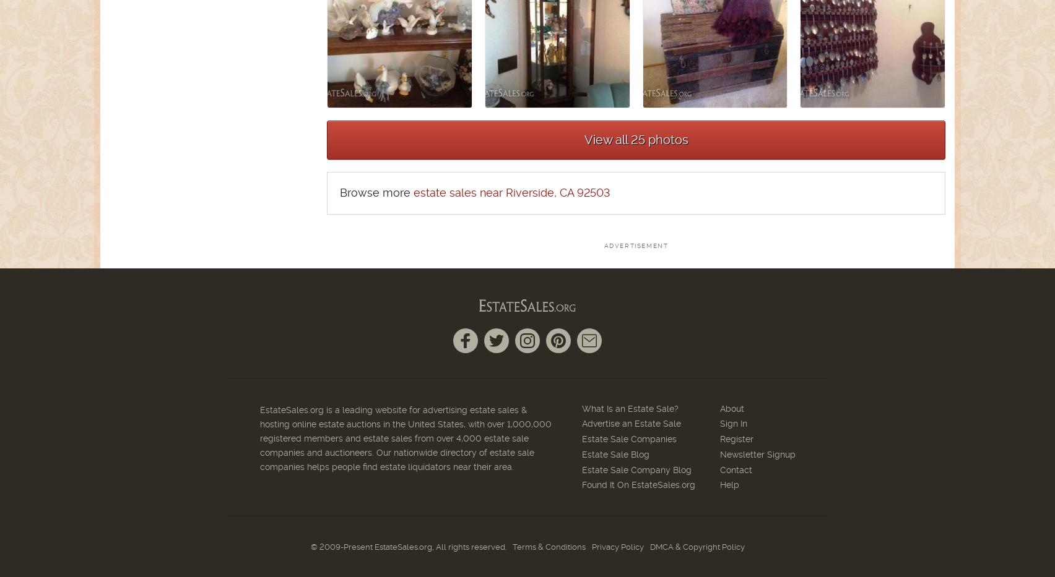 Image resolution: width=1055 pixels, height=577 pixels. What do you see at coordinates (756, 453) in the screenshot?
I see `'Newsletter Signup'` at bounding box center [756, 453].